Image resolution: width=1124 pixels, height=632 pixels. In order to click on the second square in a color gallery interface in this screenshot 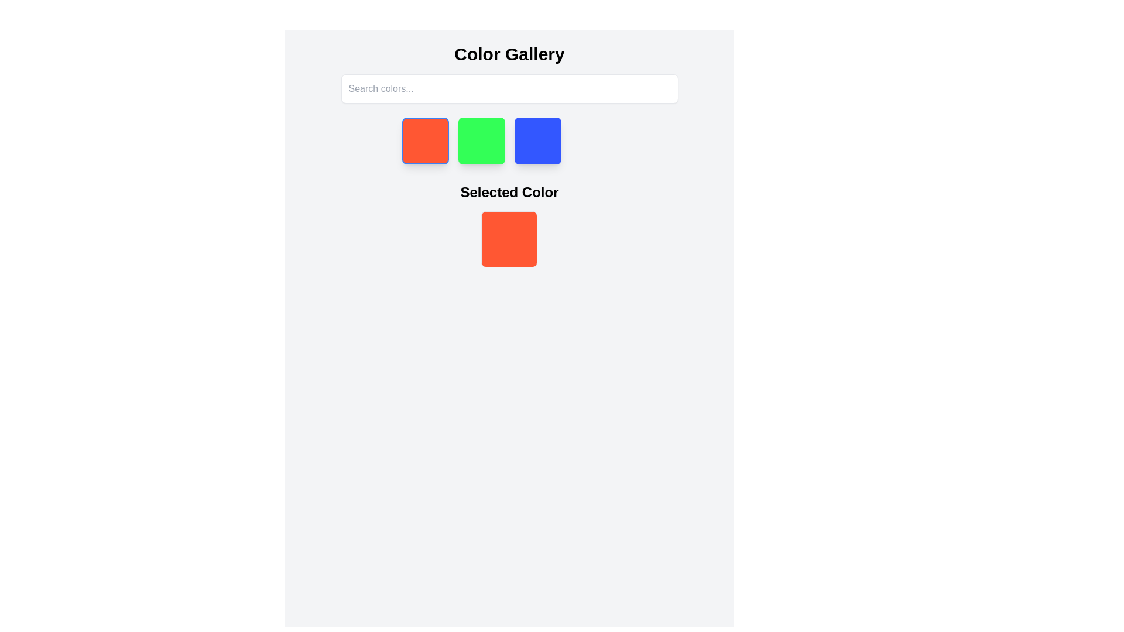, I will do `click(481, 140)`.